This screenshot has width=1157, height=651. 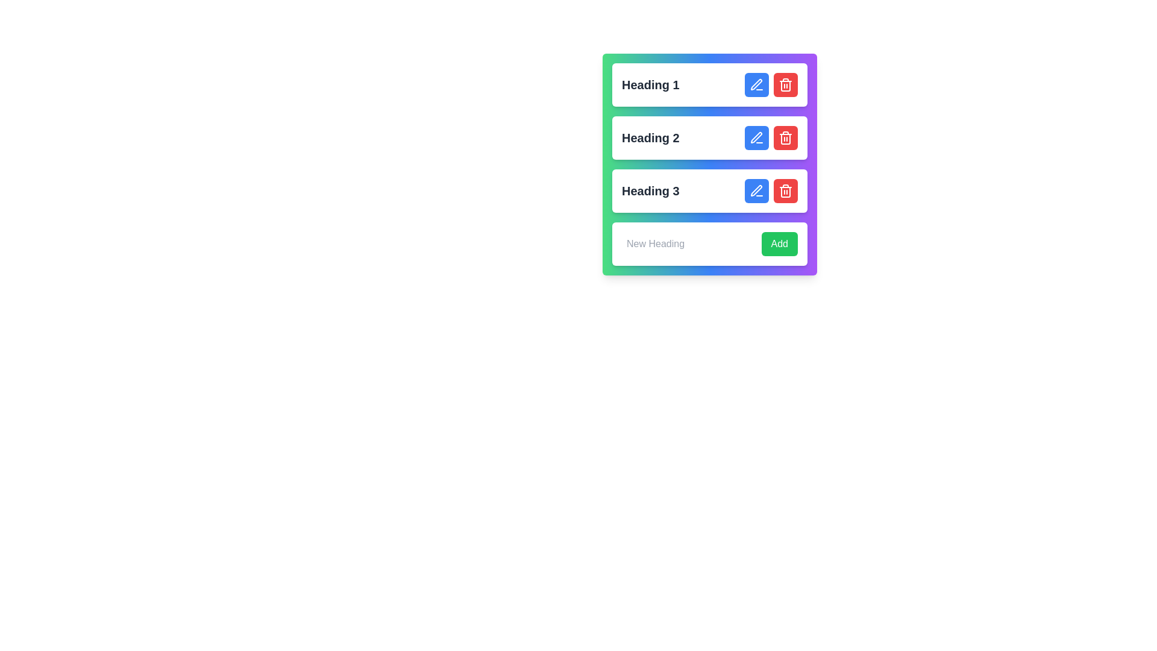 I want to click on the edit button icon located to the left of the delete button in the horizontal row aligned with 'Heading 3' text in the third list item, so click(x=756, y=190).